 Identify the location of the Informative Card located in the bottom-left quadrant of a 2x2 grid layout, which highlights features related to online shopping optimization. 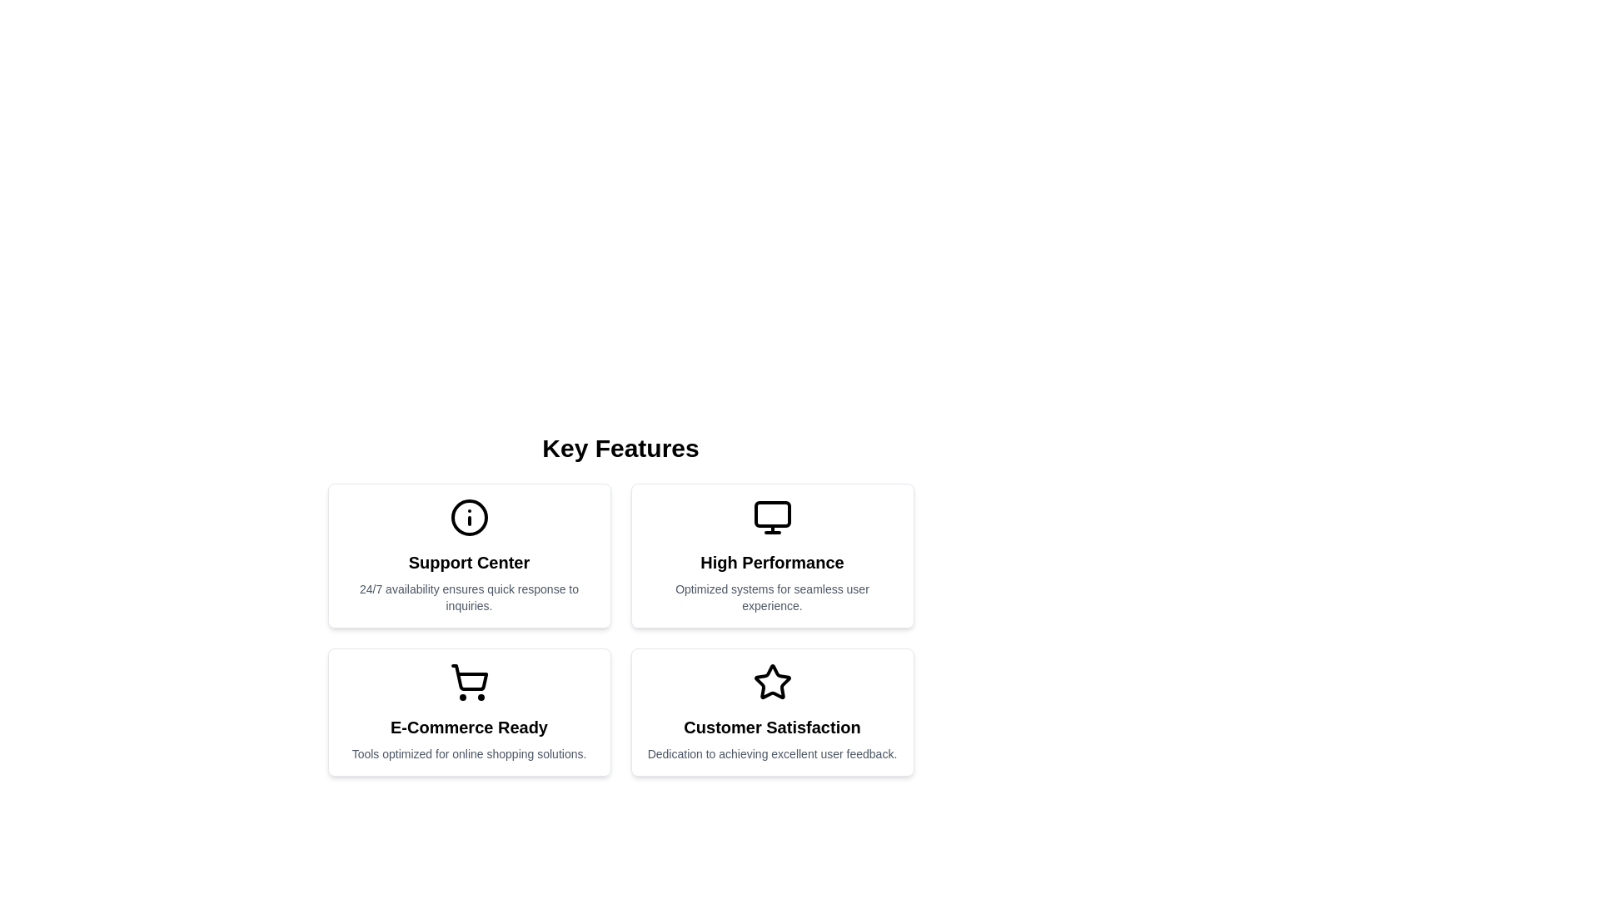
(468, 712).